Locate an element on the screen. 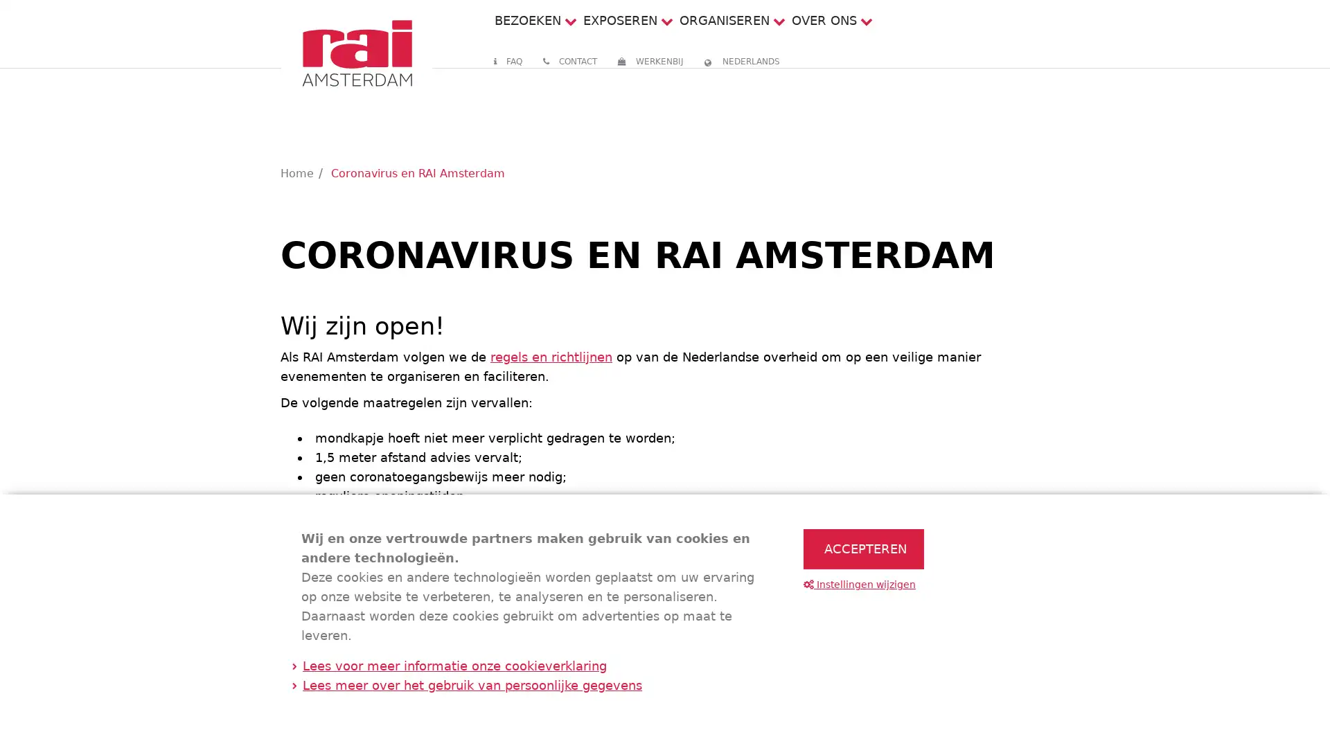 The image size is (1330, 748). ACCEPTEREN is located at coordinates (863, 549).